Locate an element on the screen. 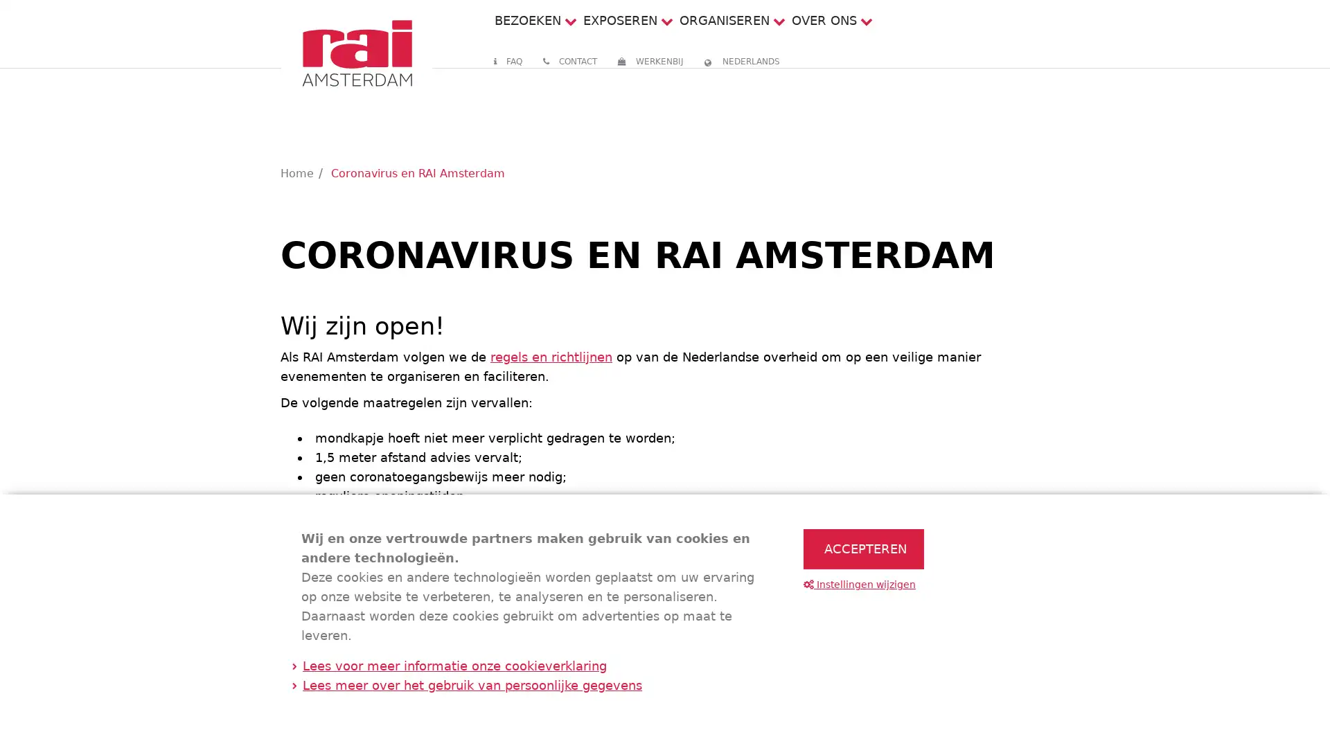 The image size is (1330, 748). ACCEPTEREN is located at coordinates (863, 549).